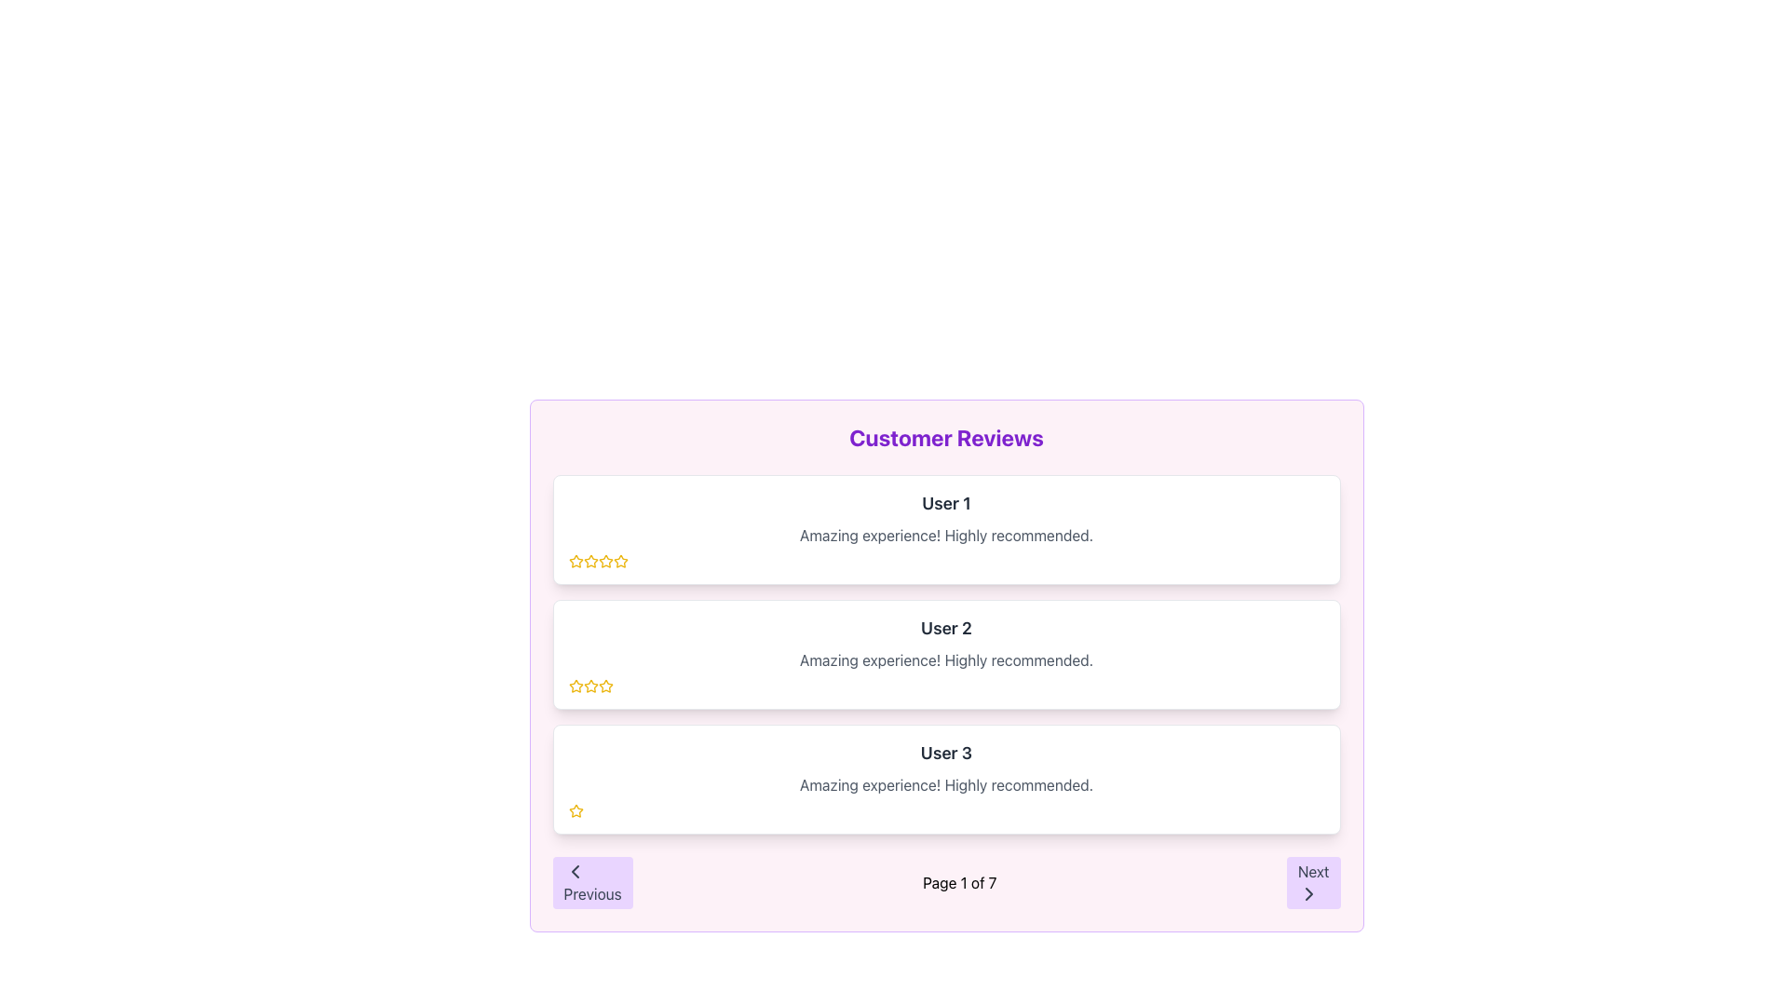 This screenshot has width=1788, height=1006. What do you see at coordinates (1307, 893) in the screenshot?
I see `the arrow icon representing navigation, which is located inside the 'Next' button at the bottom-right corner of the interface` at bounding box center [1307, 893].